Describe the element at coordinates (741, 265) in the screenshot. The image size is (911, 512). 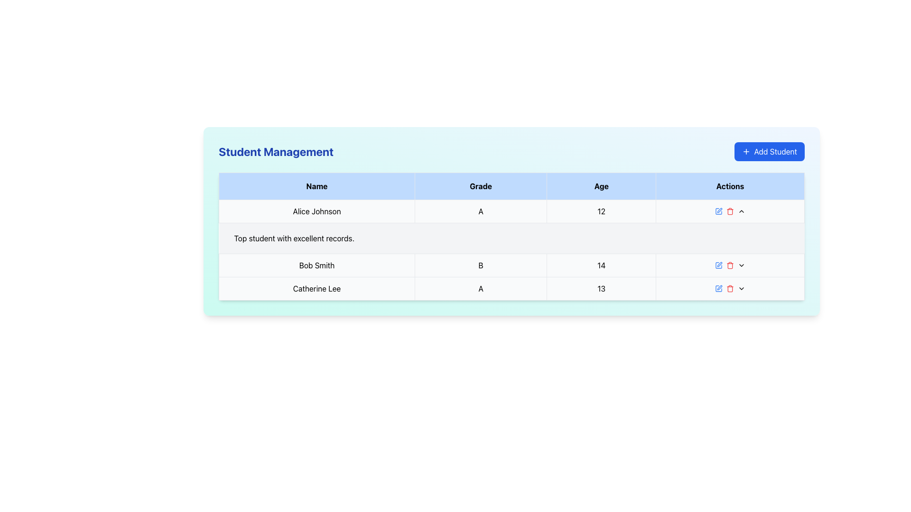
I see `the downward-facing arrow icon in the 'Actions' column for the row representing 'Bob Smith'` at that location.